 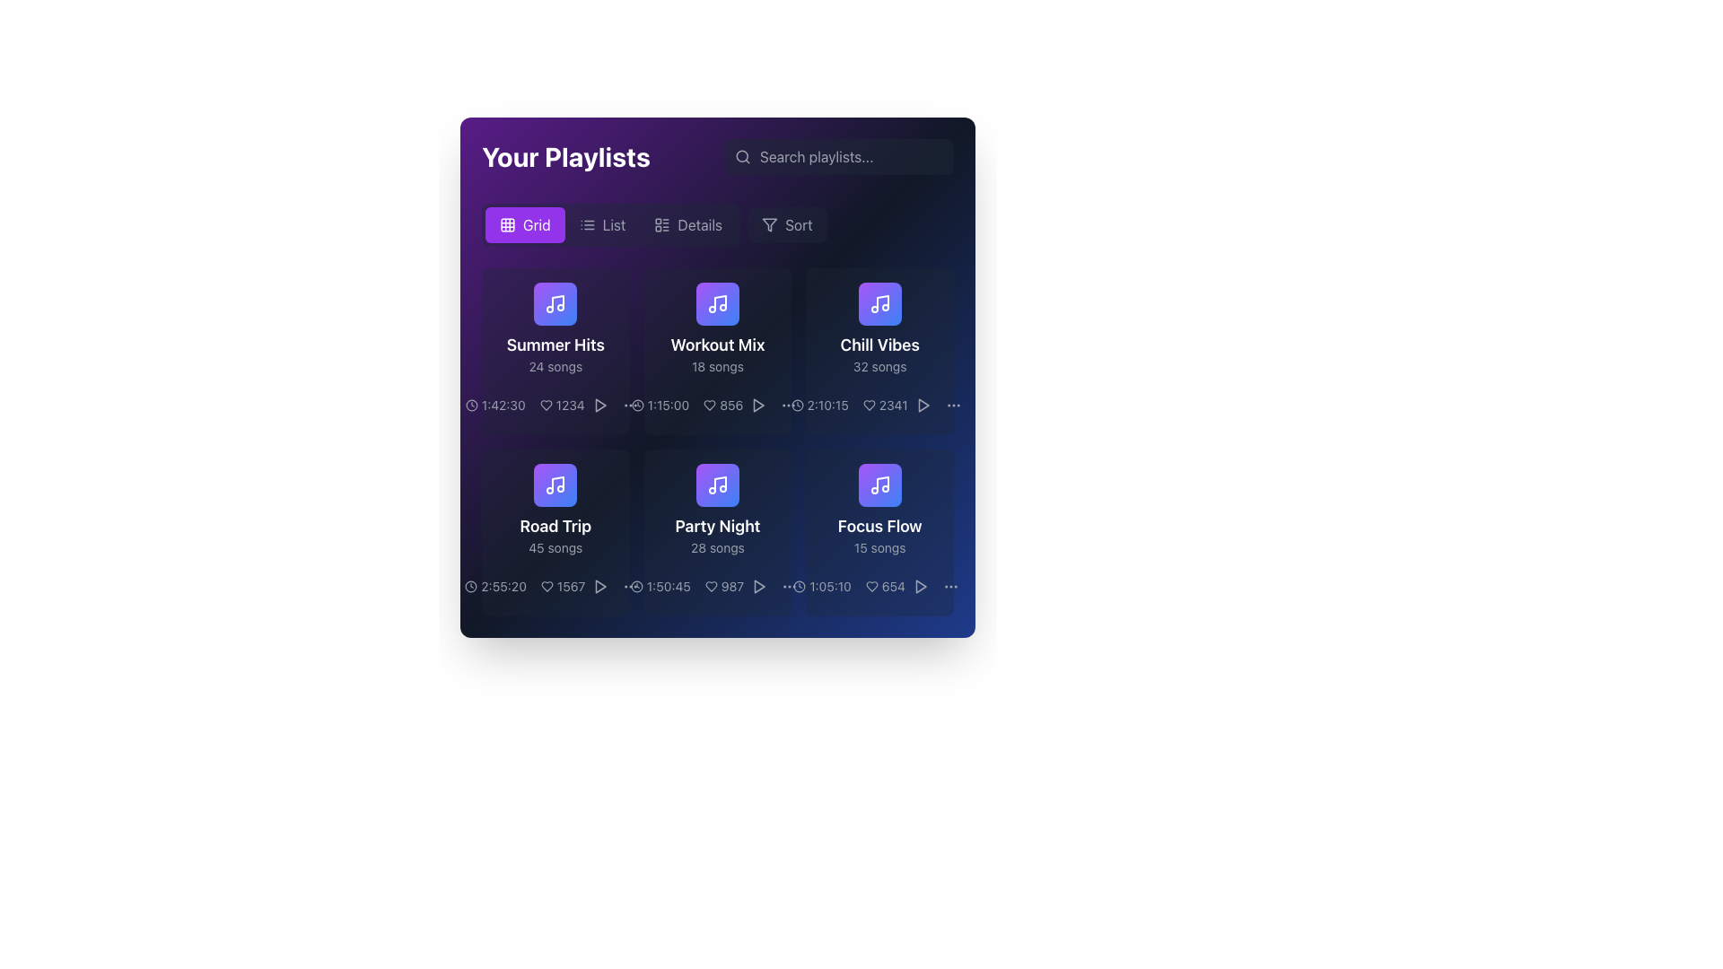 What do you see at coordinates (555, 587) in the screenshot?
I see `the heart icon representing likes or favorites for the 'Road Trip' playlist, located below the playlist title and track count` at bounding box center [555, 587].